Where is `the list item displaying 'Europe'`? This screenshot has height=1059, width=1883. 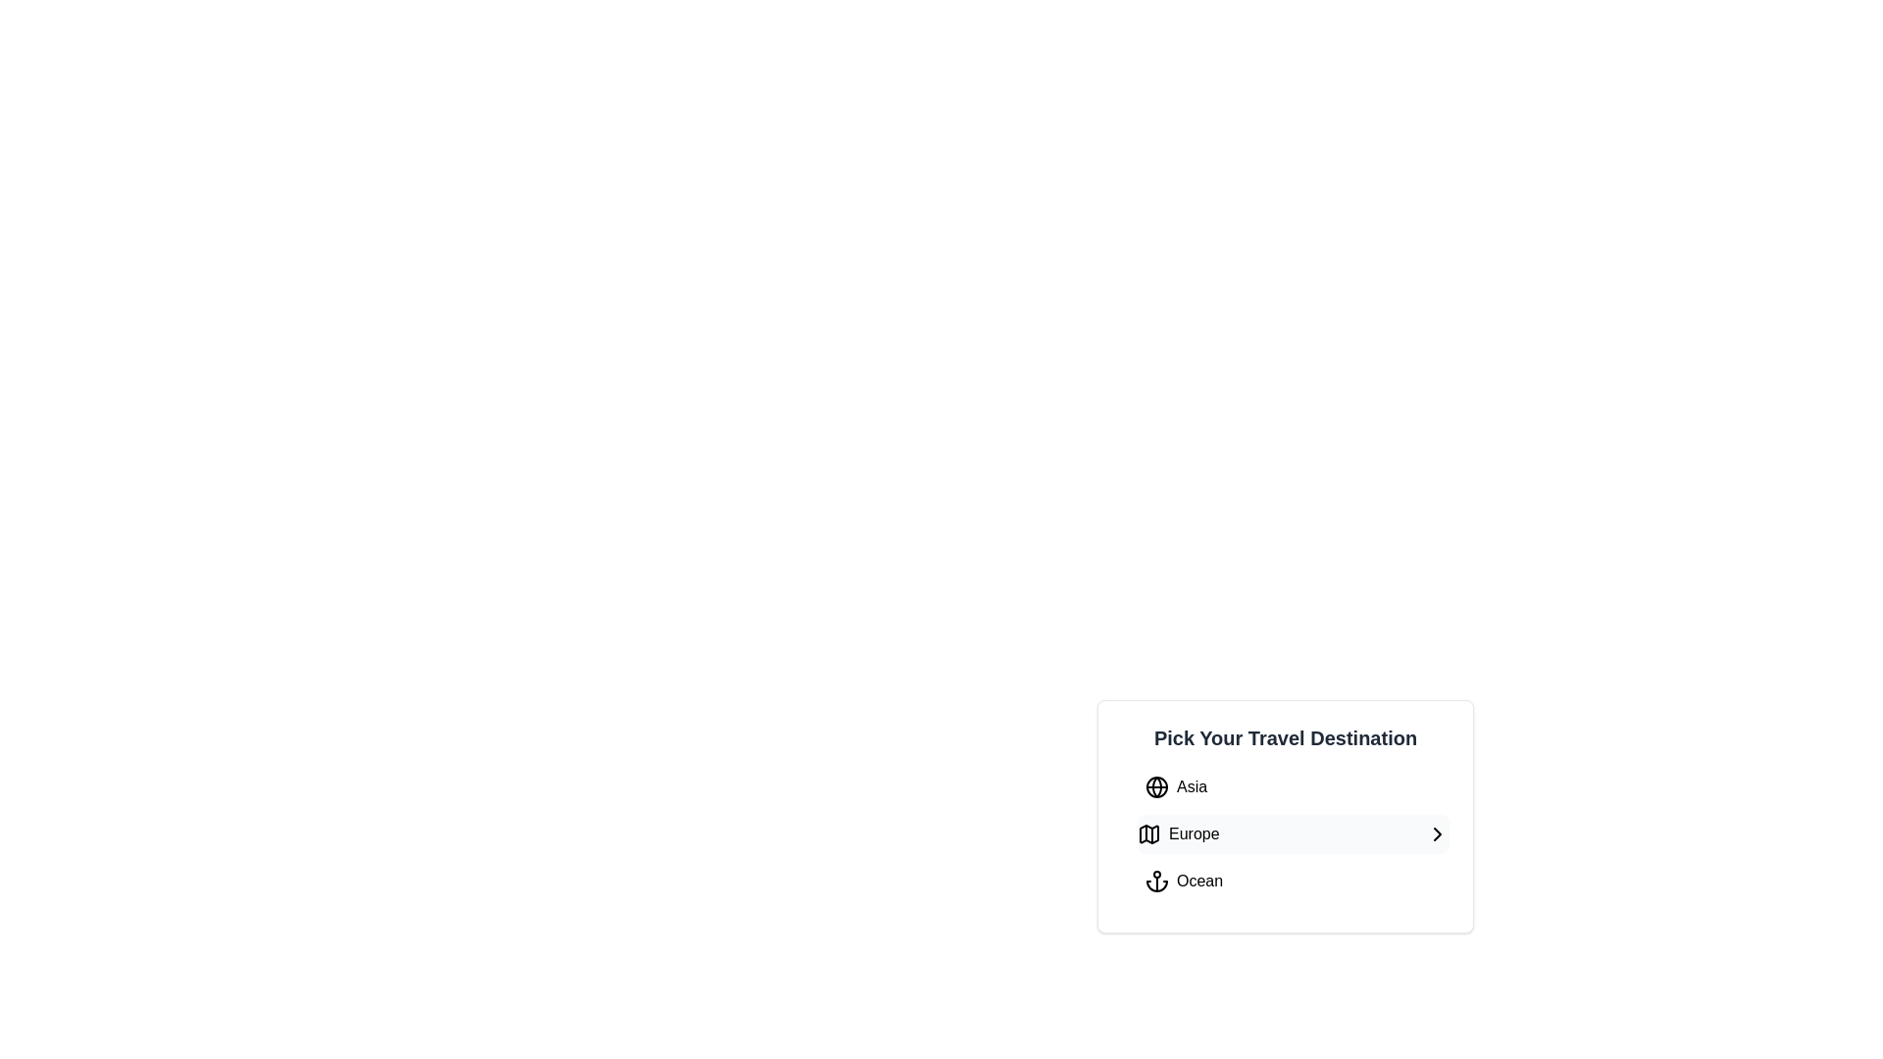
the list item displaying 'Europe' is located at coordinates (1177, 834).